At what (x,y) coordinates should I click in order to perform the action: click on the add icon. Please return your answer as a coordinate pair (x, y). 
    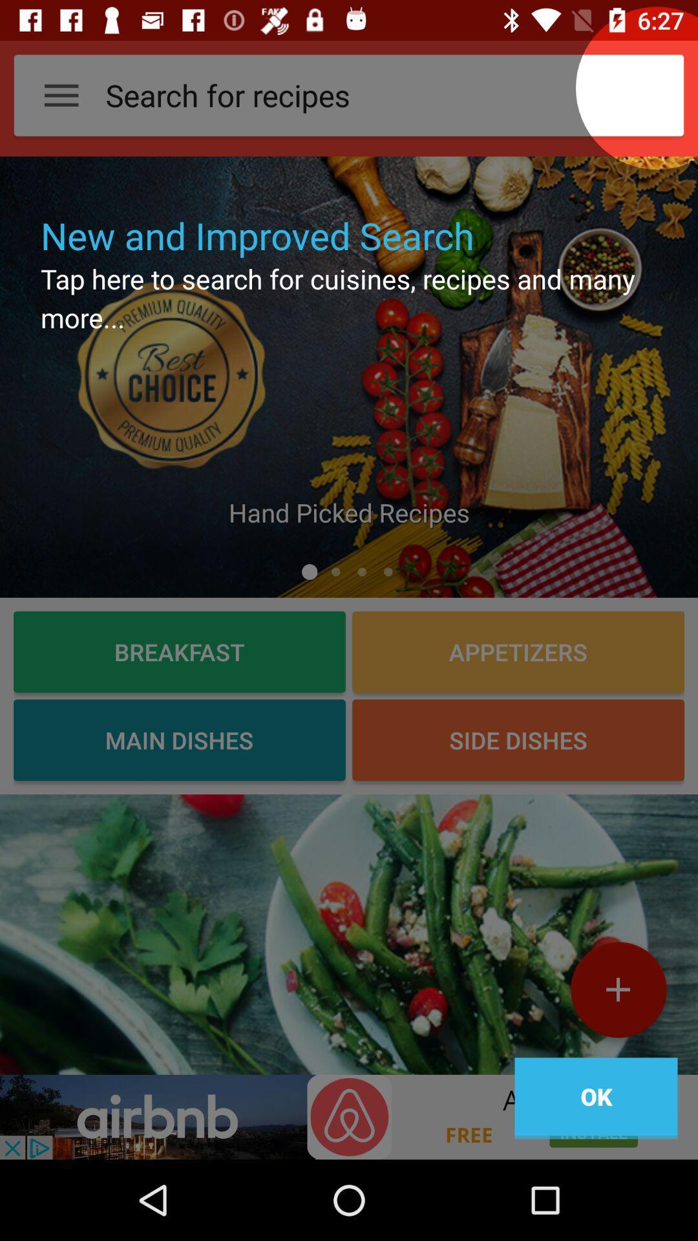
    Looking at the image, I should click on (617, 994).